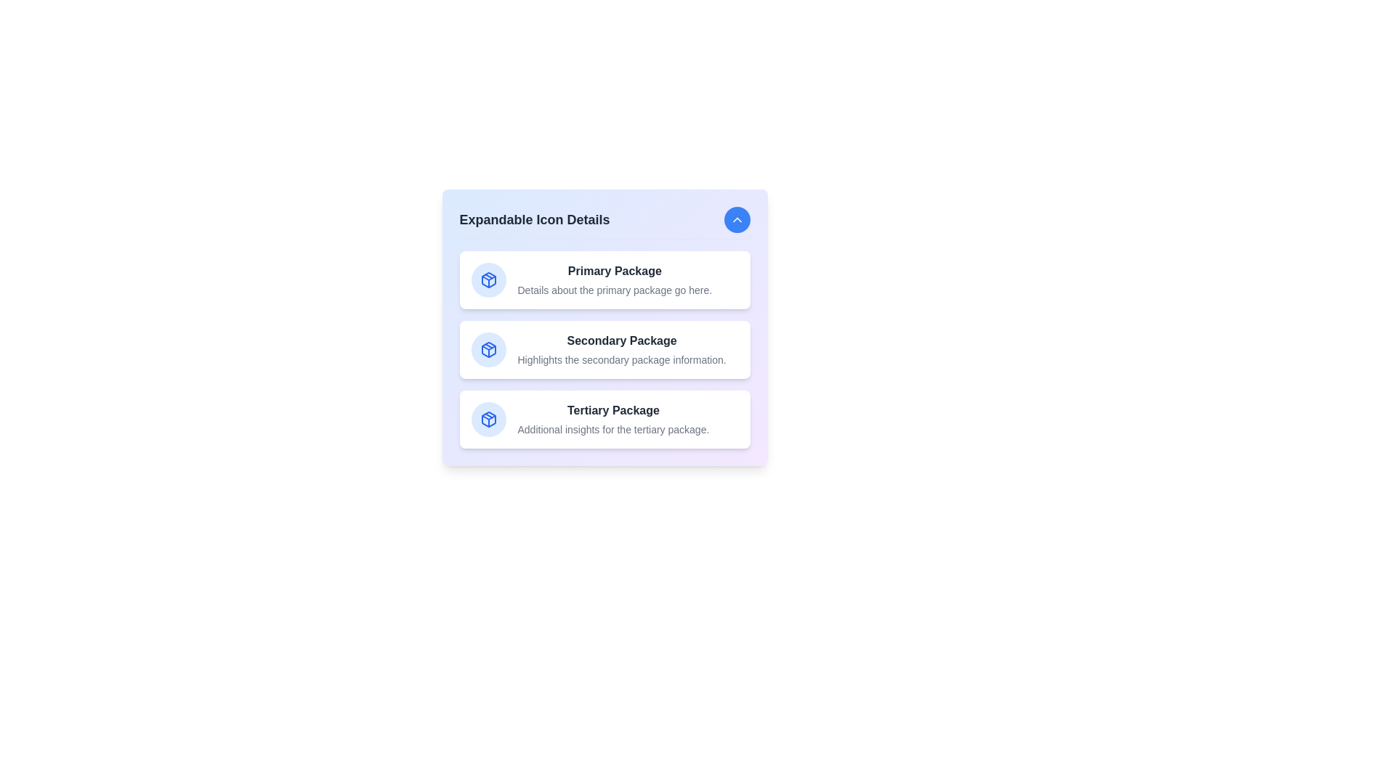 This screenshot has width=1395, height=784. What do you see at coordinates (604, 223) in the screenshot?
I see `title of the Collapsible Section Header, which is currently expanded and indicated by the chevron icon` at bounding box center [604, 223].